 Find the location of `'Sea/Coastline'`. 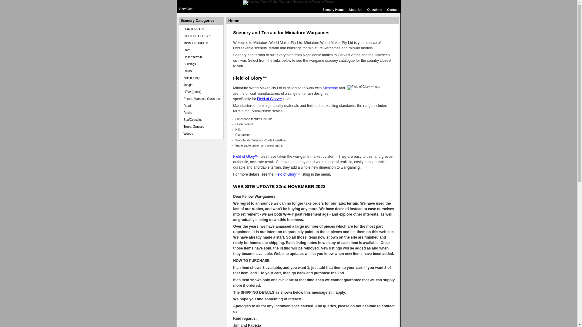

'Sea/Coastline' is located at coordinates (193, 120).